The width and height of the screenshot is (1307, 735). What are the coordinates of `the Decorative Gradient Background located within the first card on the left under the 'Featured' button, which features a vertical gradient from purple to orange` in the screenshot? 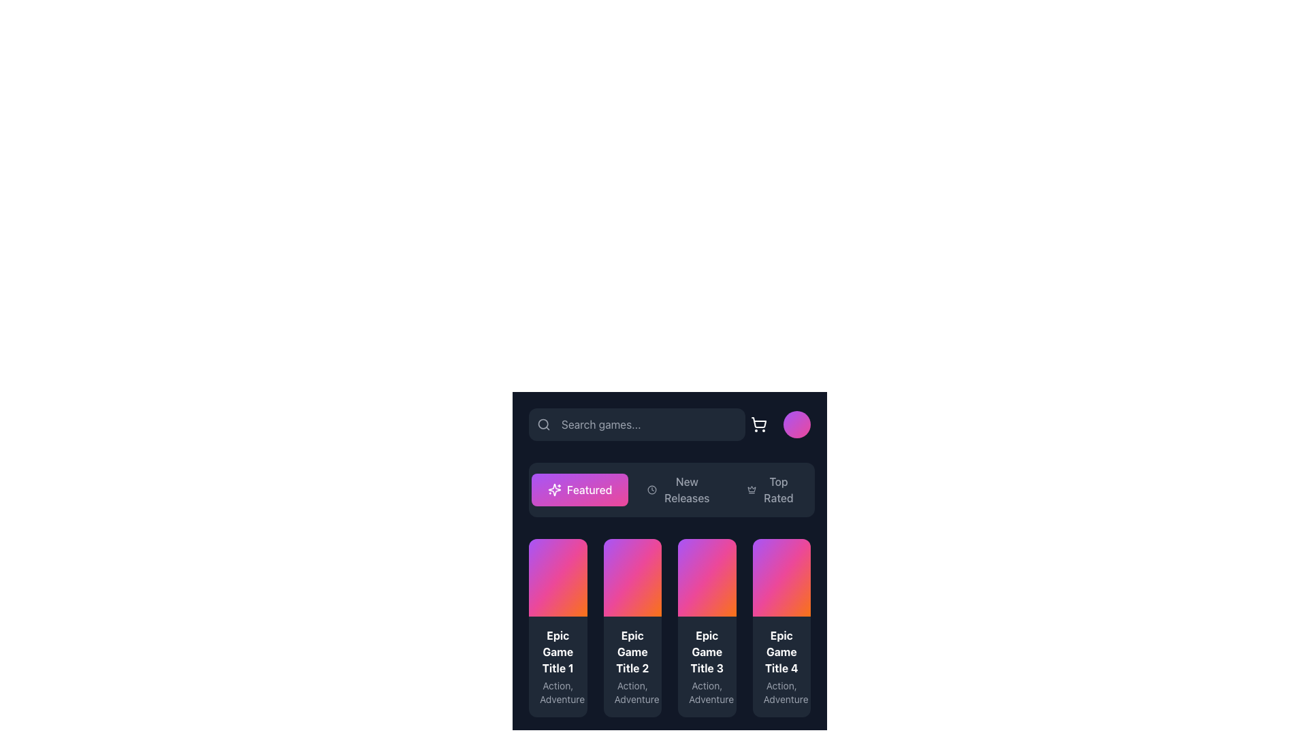 It's located at (558, 577).